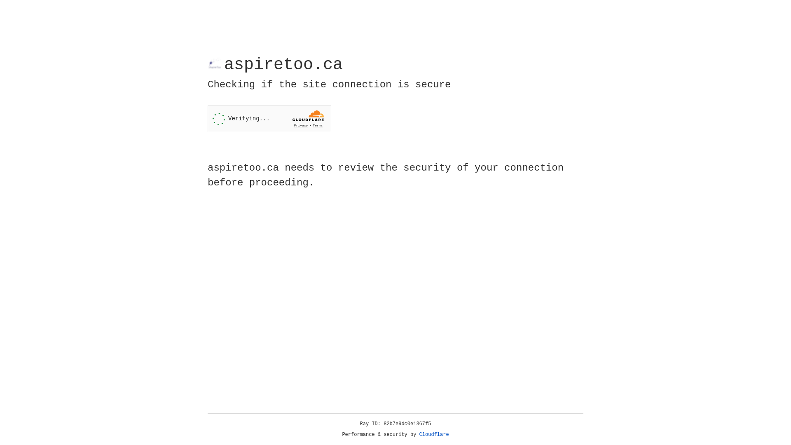 Image resolution: width=791 pixels, height=445 pixels. I want to click on 'Cloudflare', so click(419, 434).